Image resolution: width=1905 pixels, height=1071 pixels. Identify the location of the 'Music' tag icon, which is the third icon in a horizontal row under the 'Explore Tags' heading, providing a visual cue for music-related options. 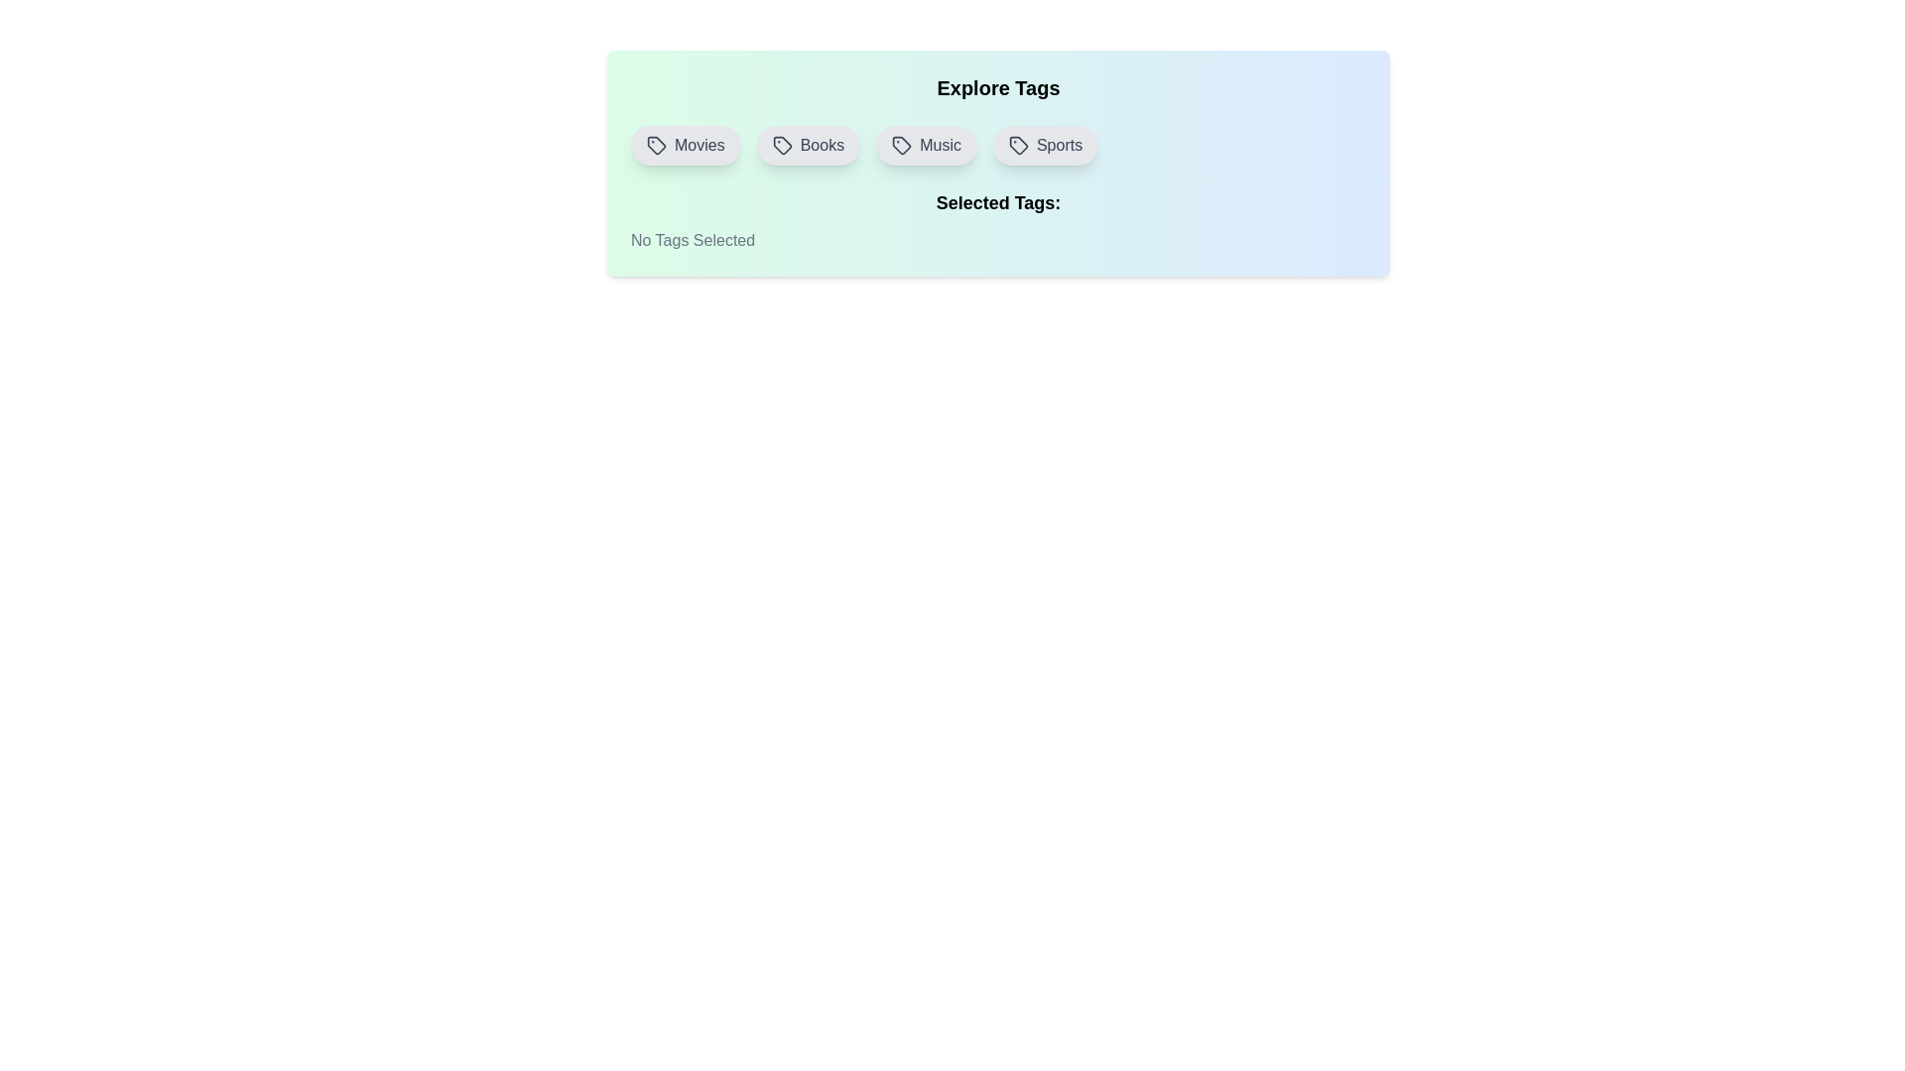
(901, 144).